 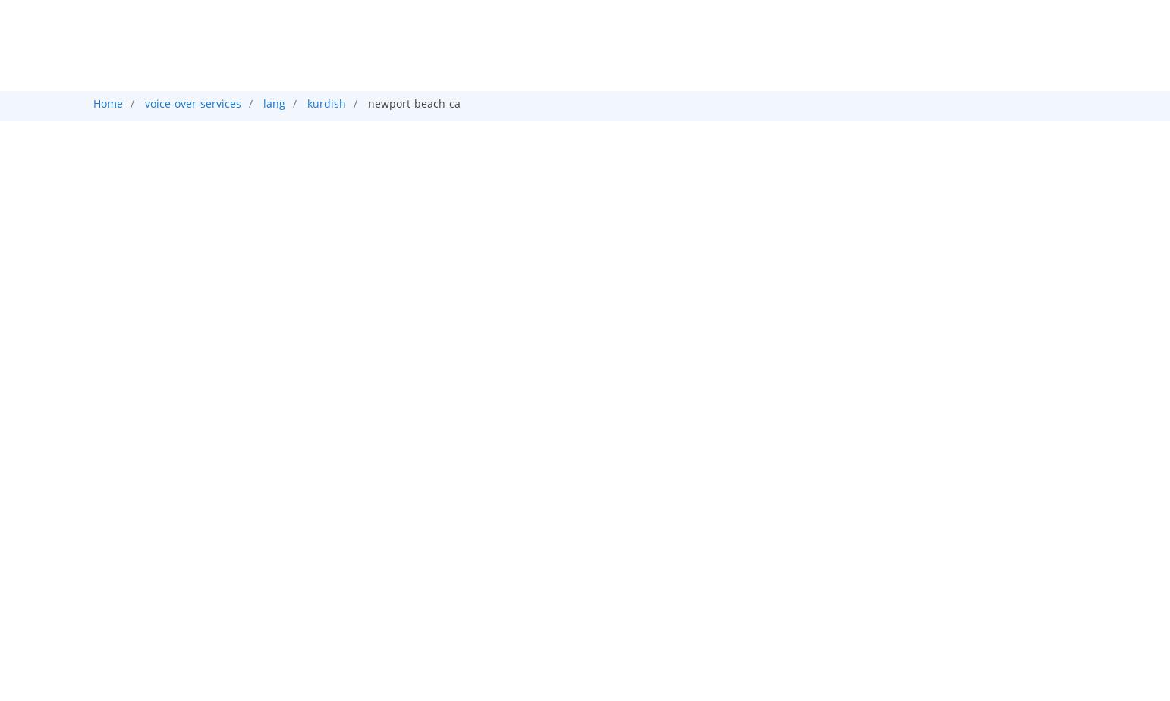 I want to click on 'We ensure that the clients get maximum satisfaction from our output; this is our trademark. Subscribe our services that provides outstanding voices for   Male, kids, English, cartoon, animation  and female.', so click(x=572, y=506).